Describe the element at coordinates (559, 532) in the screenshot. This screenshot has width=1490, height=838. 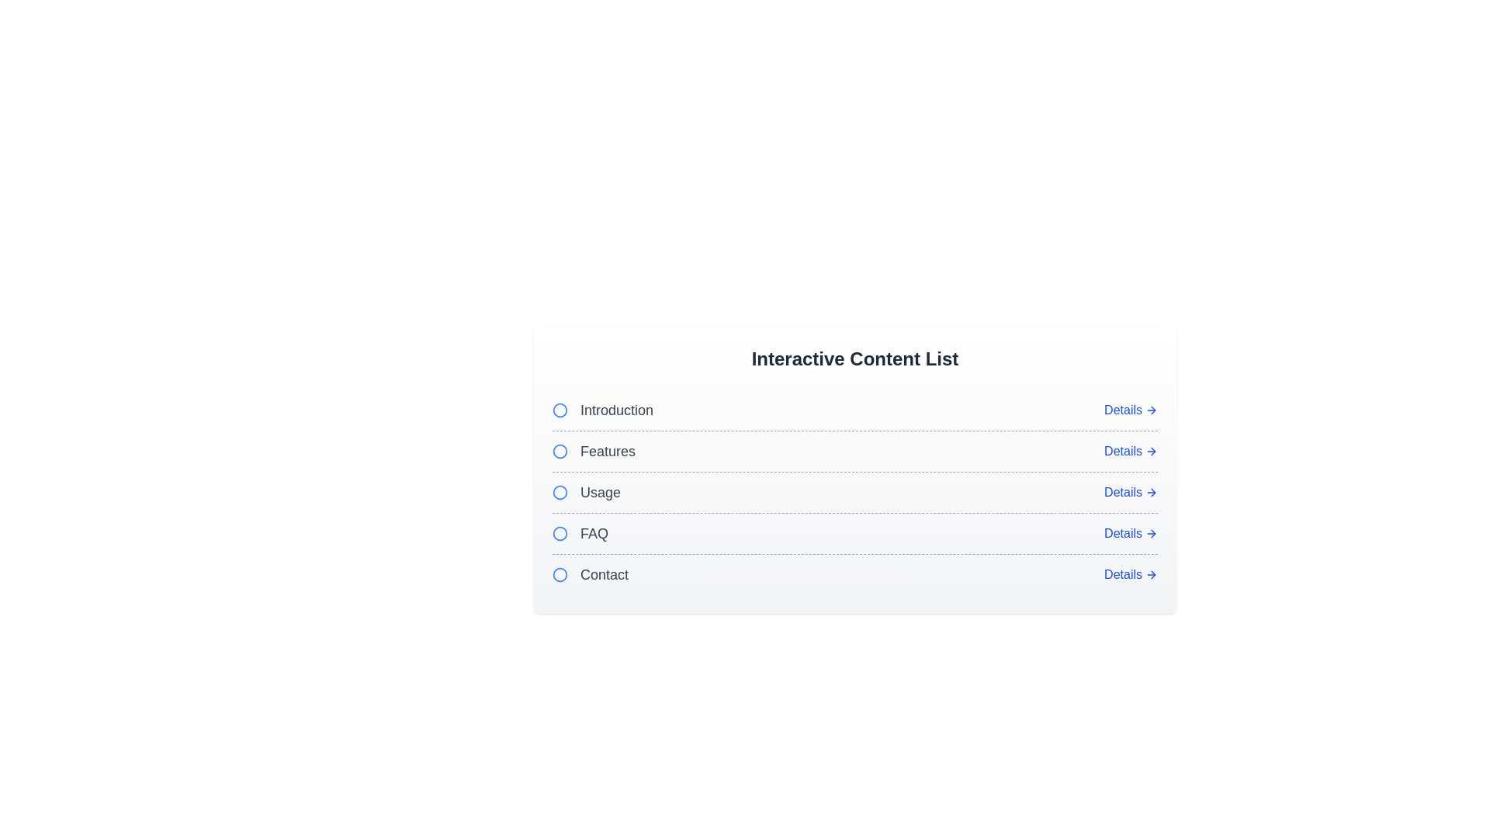
I see `the icon located to the left of the 'FAQ' text, which serves as an indicator for the FAQ section` at that location.